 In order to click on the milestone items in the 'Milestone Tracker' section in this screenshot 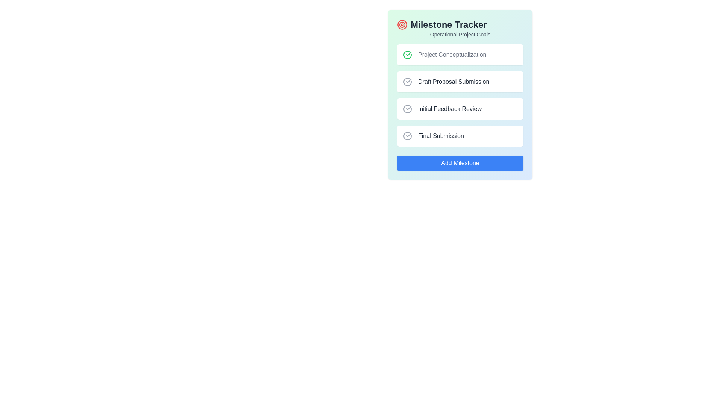, I will do `click(460, 94)`.